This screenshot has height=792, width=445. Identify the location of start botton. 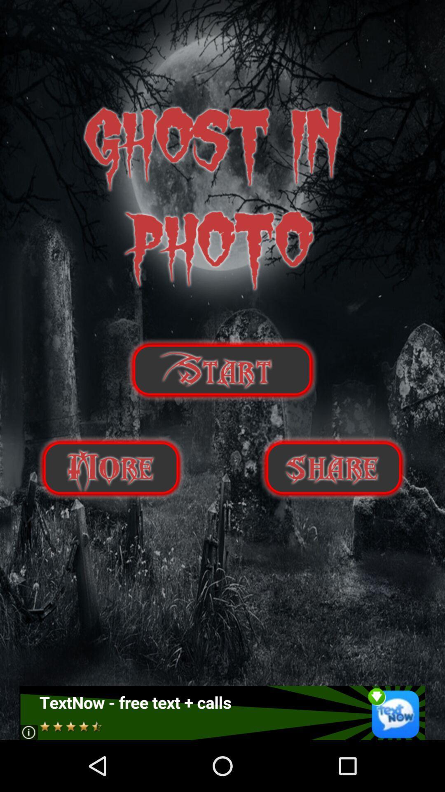
(222, 370).